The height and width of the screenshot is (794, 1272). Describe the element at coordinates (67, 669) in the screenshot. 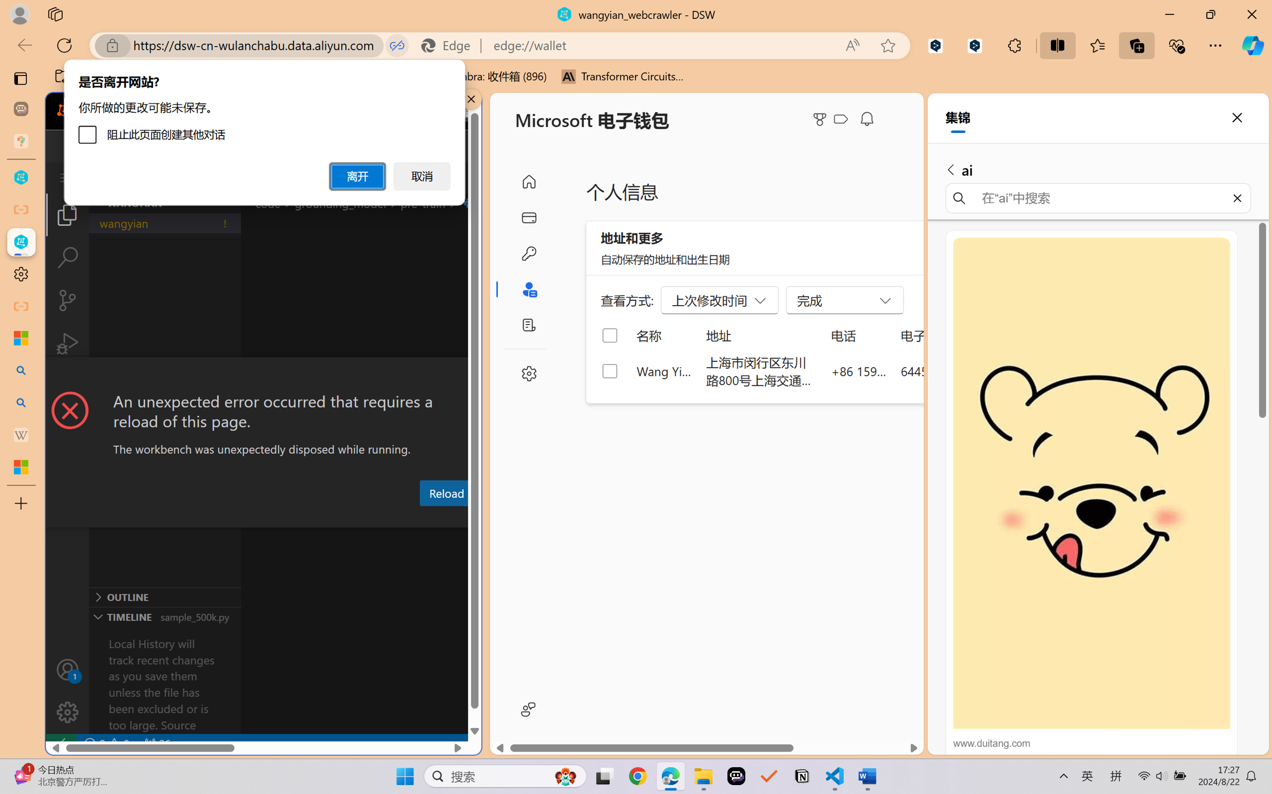

I see `'Accounts - Sign in requested'` at that location.